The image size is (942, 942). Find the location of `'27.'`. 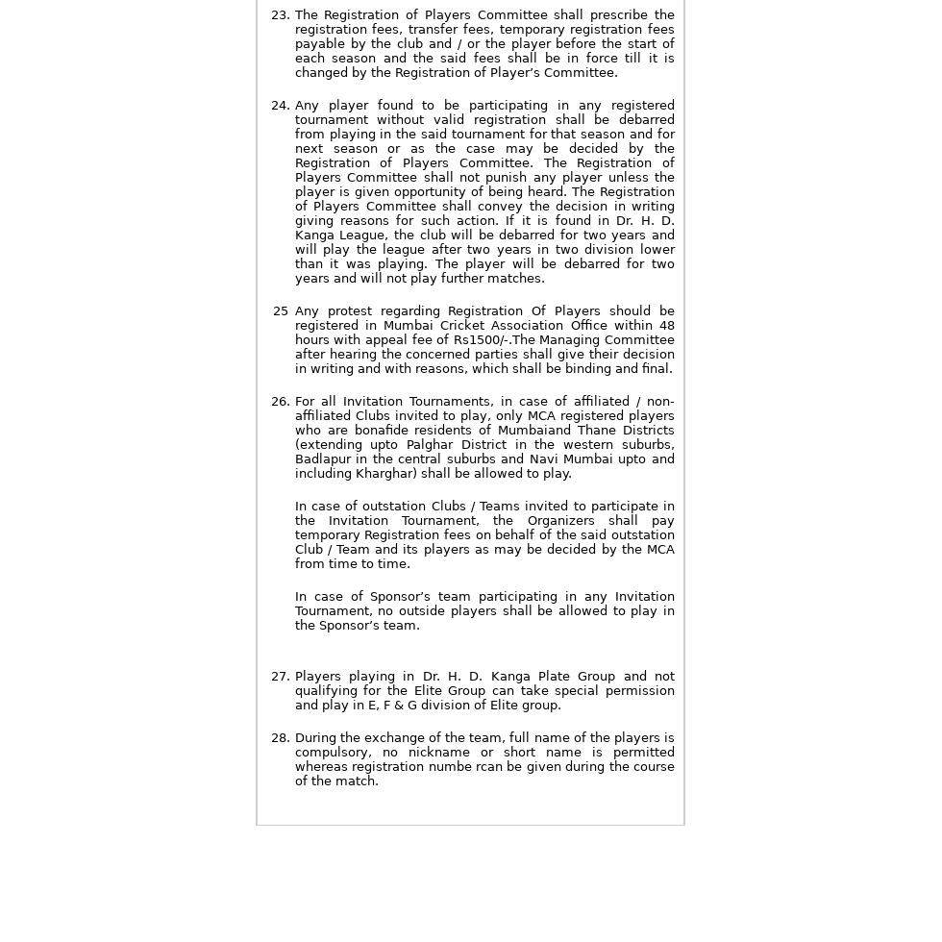

'27.' is located at coordinates (279, 676).